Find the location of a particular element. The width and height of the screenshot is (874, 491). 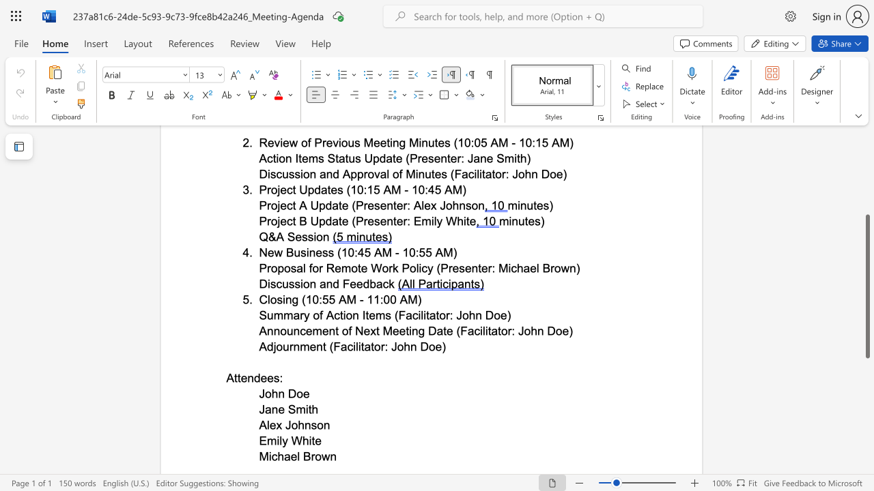

the 1th character "l" in the text is located at coordinates (298, 456).